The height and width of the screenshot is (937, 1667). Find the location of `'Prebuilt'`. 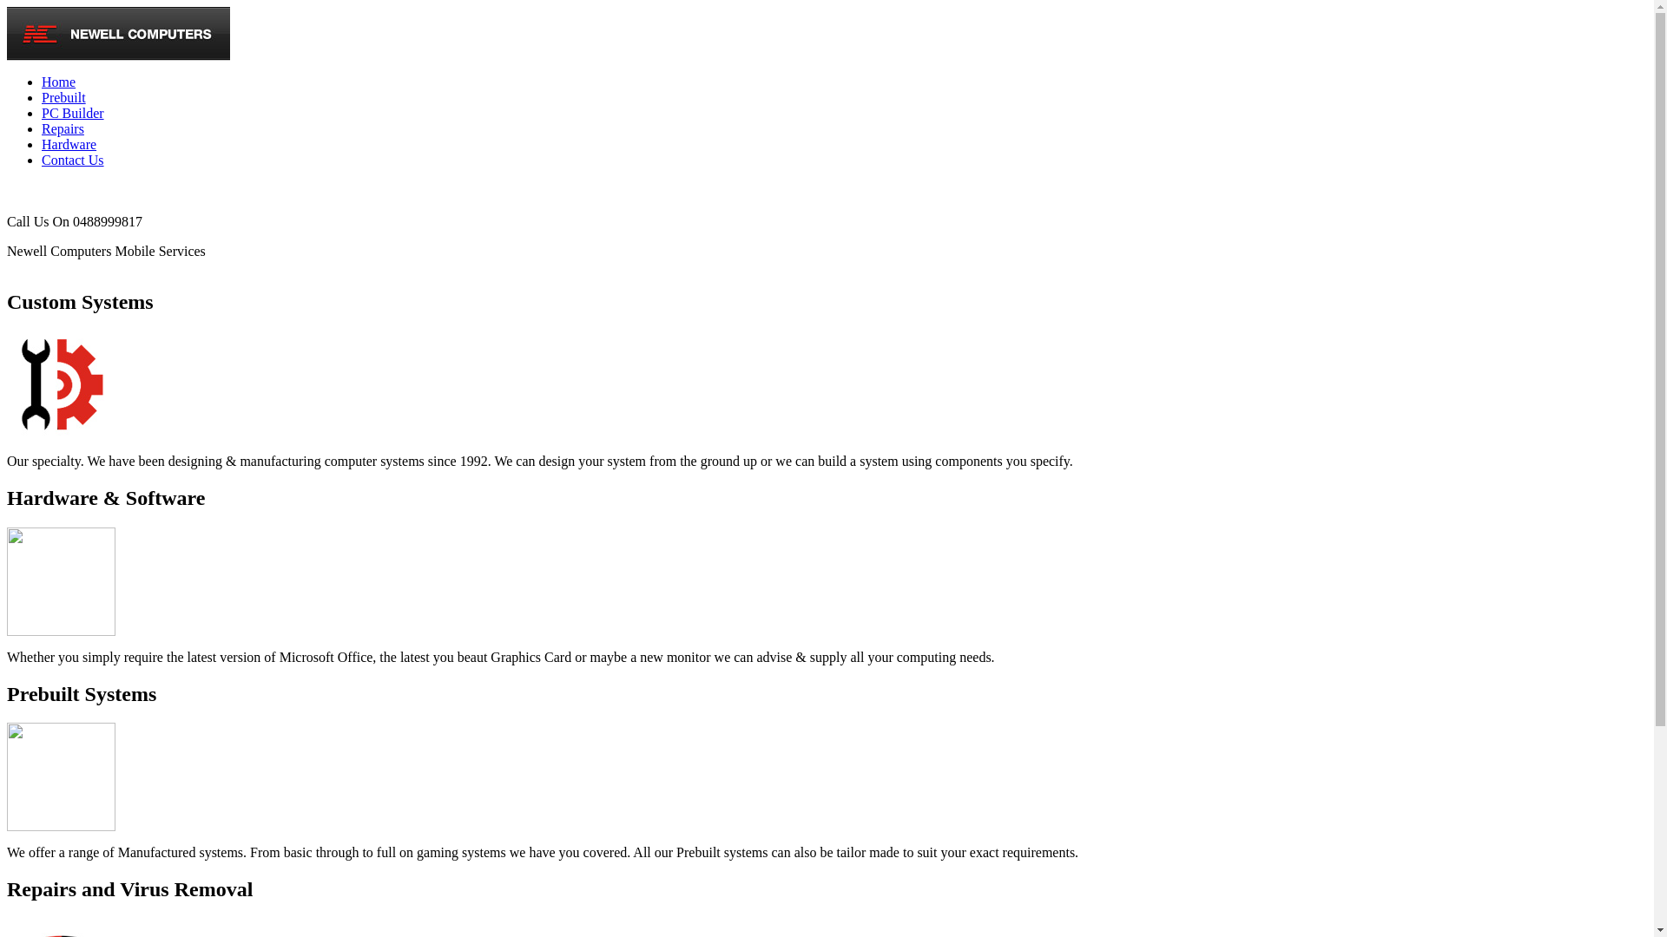

'Prebuilt' is located at coordinates (63, 97).